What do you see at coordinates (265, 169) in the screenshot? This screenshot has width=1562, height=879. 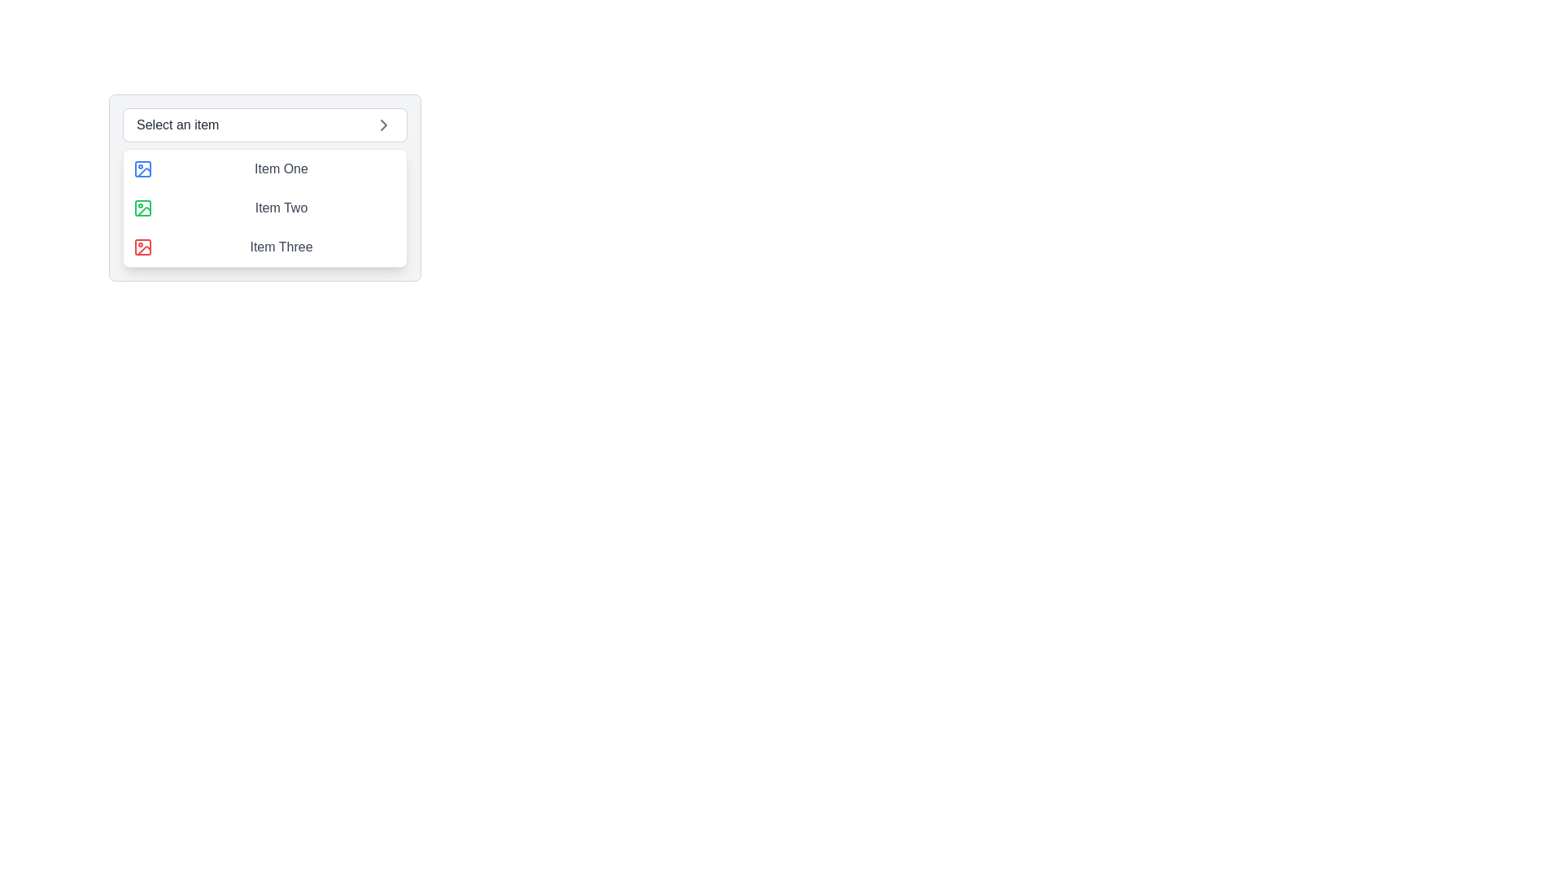 I see `the first item labeled 'Item One' in the dropdown menu` at bounding box center [265, 169].